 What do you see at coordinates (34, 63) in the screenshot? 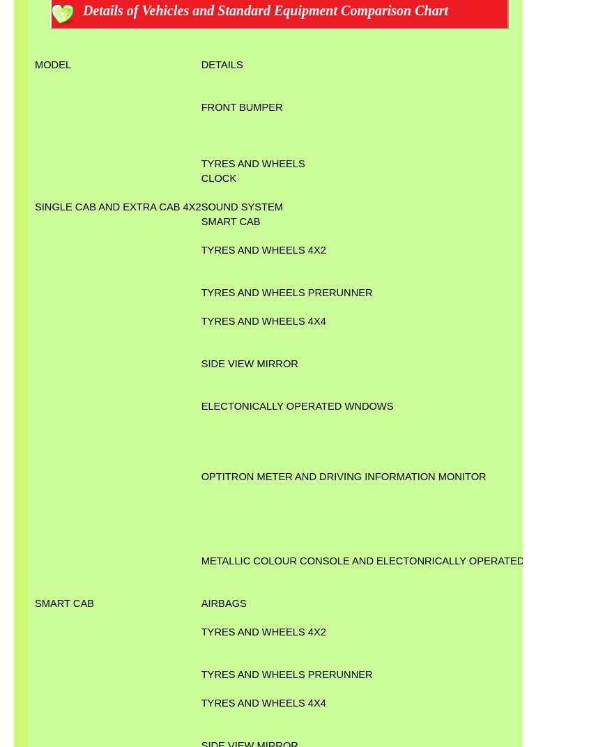
I see `'MODEL'` at bounding box center [34, 63].